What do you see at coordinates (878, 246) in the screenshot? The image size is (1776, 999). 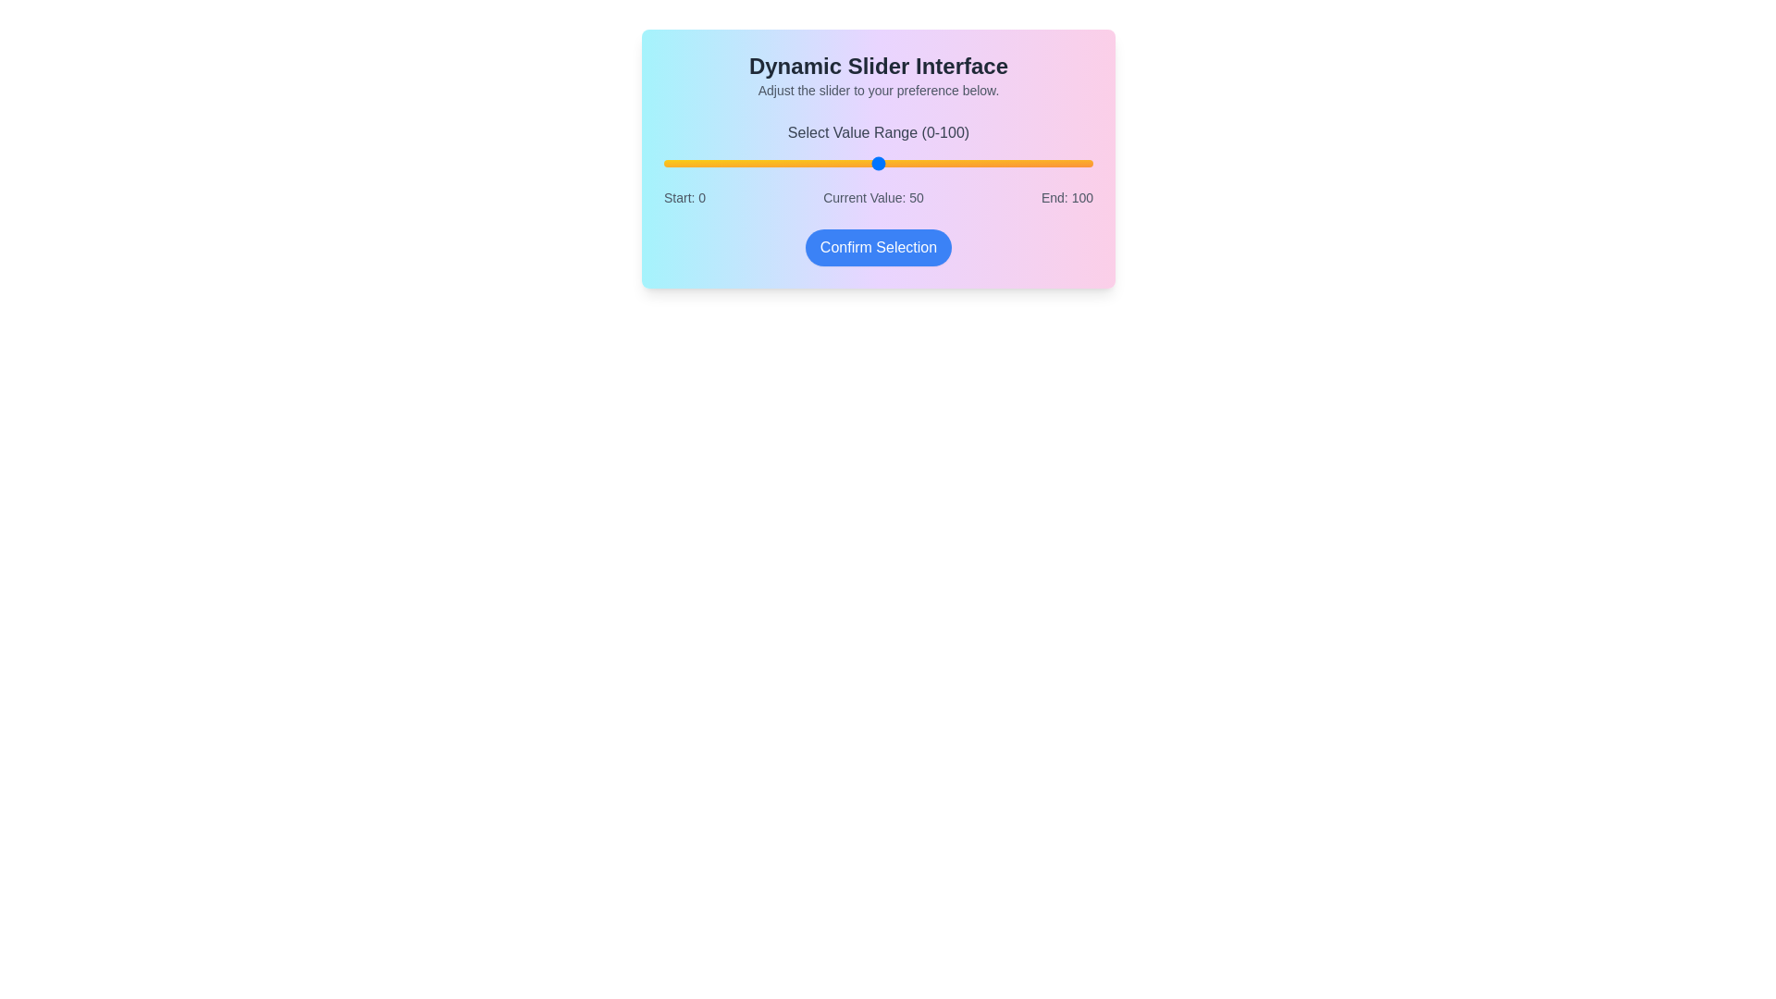 I see `'Confirm Selection' button to confirm the chosen value` at bounding box center [878, 246].